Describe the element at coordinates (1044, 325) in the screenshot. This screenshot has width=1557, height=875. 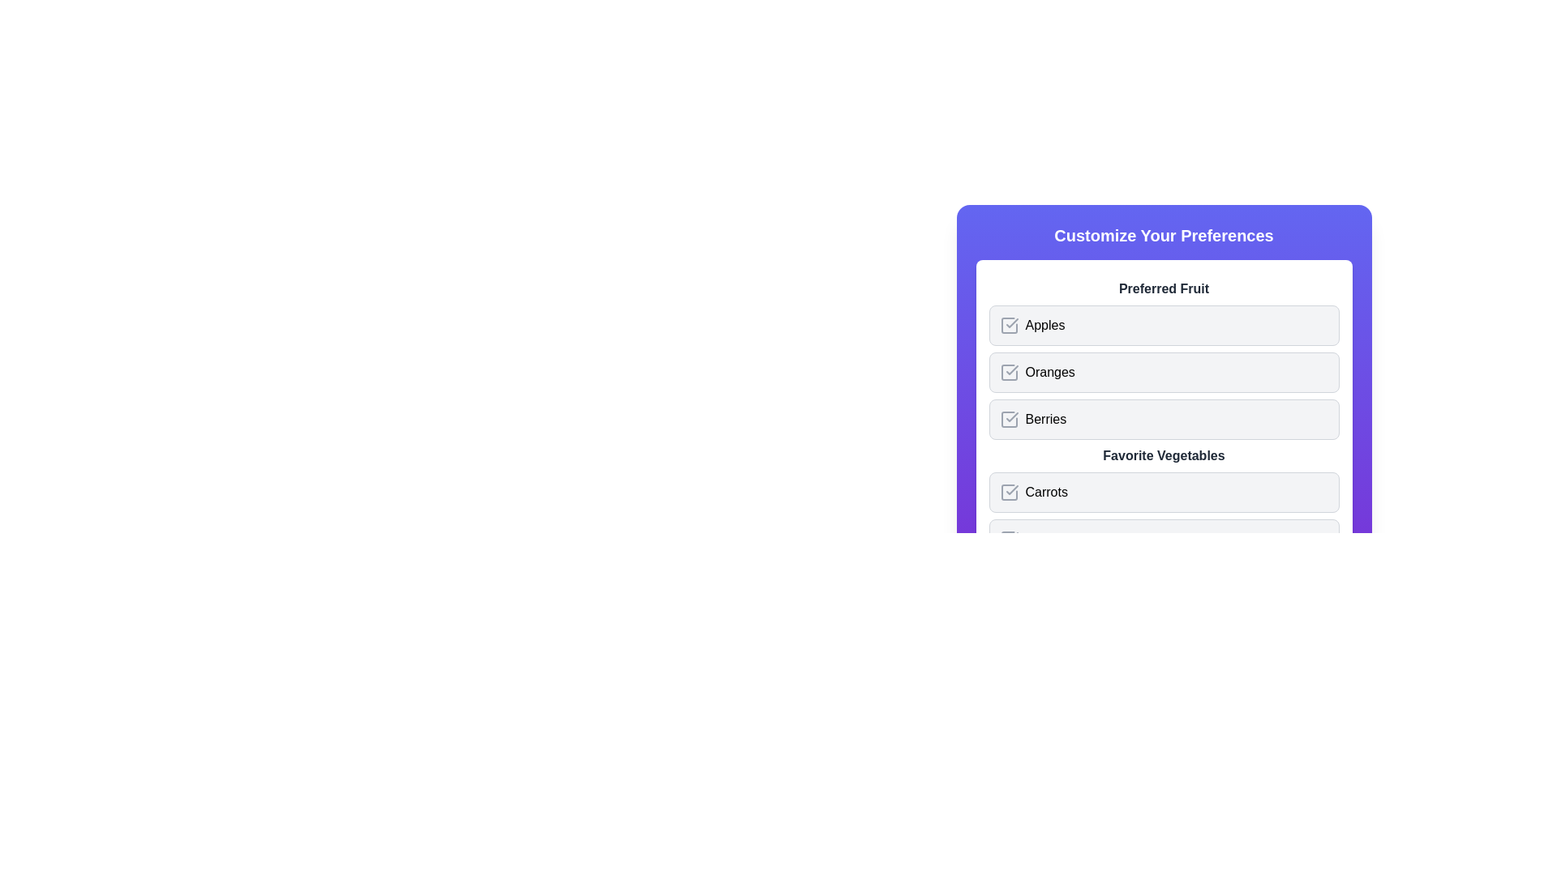
I see `the static text element displaying 'Apples' in the 'Preferred Fruit' section of the 'Customize Your Preferences' interface` at that location.